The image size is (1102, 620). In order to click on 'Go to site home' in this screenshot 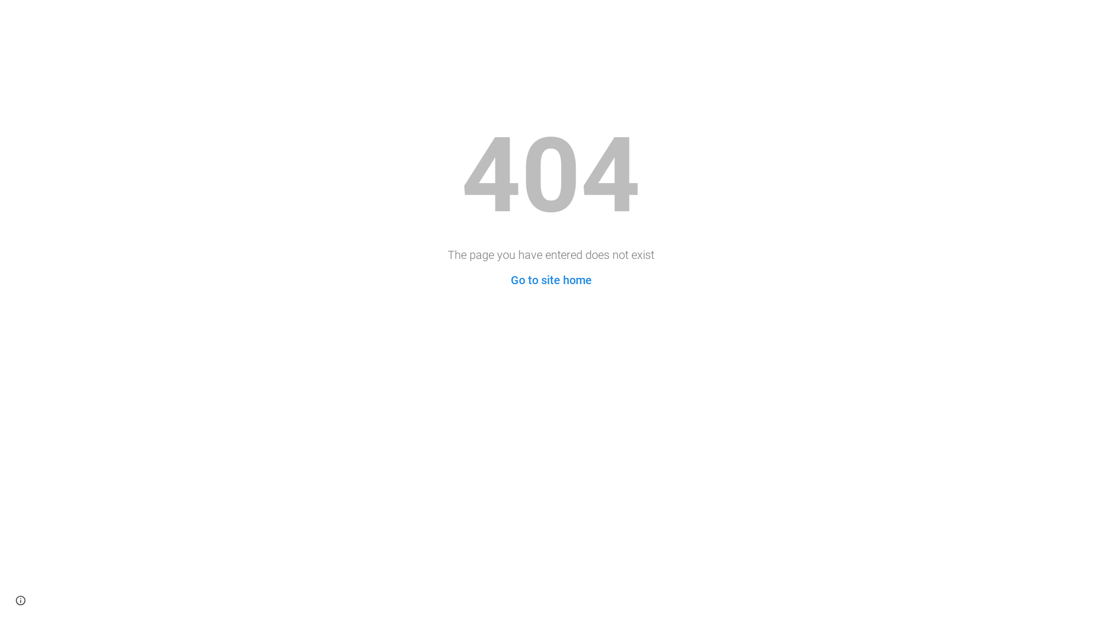, I will do `click(510, 280)`.